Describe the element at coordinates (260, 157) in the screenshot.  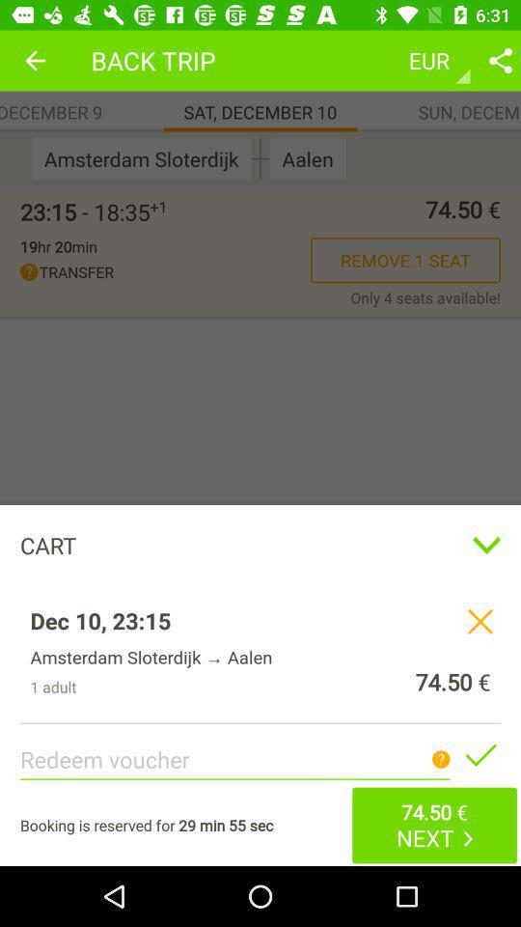
I see `the item to the left of aalen item` at that location.